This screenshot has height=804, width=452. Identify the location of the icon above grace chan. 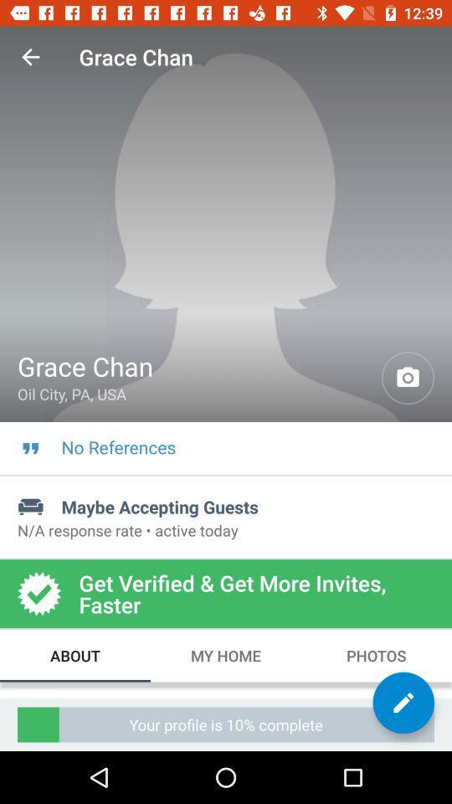
(30, 57).